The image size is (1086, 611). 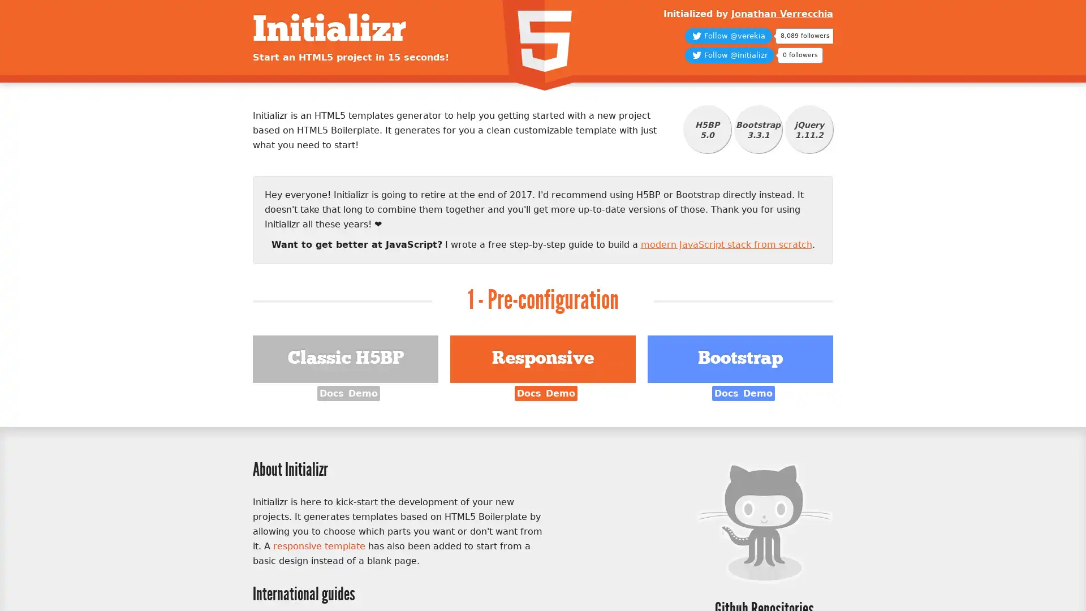 What do you see at coordinates (542, 359) in the screenshot?
I see `Responsive` at bounding box center [542, 359].